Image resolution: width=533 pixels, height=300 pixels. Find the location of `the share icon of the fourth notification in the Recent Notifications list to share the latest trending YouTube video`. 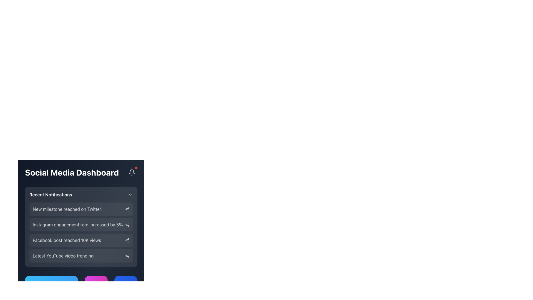

the share icon of the fourth notification in the Recent Notifications list to share the latest trending YouTube video is located at coordinates (81, 256).